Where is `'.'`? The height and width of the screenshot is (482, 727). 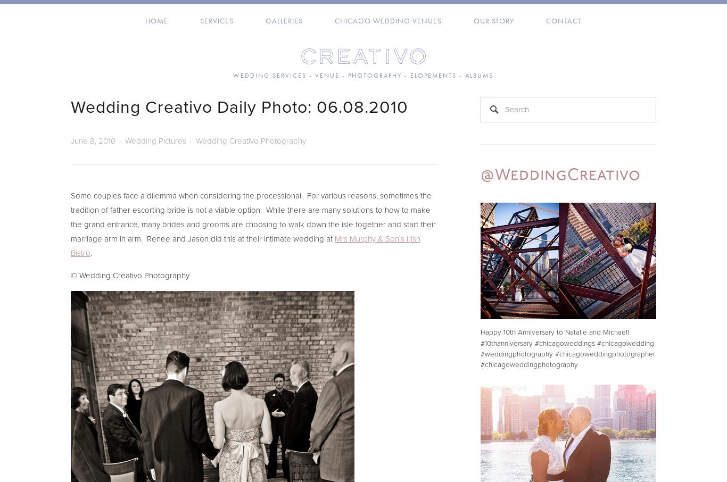 '.' is located at coordinates (89, 253).